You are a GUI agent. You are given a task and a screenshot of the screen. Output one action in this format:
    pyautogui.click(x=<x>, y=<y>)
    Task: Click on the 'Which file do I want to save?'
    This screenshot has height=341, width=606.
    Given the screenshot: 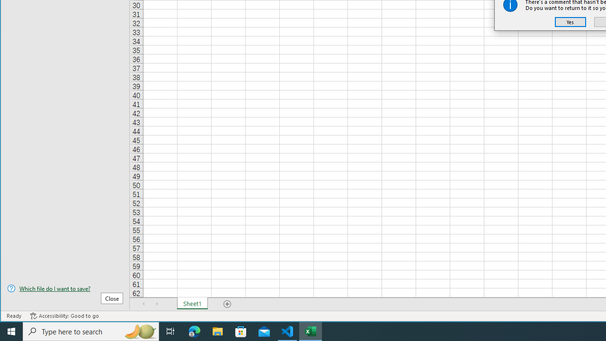 What is the action you would take?
    pyautogui.click(x=64, y=288)
    